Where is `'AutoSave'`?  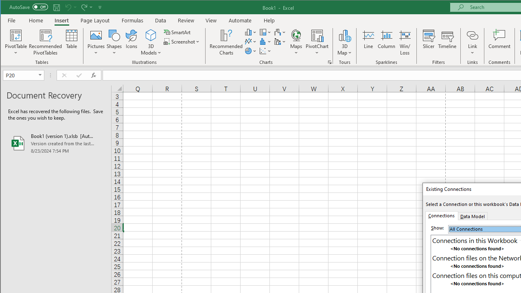
'AutoSave' is located at coordinates (28, 7).